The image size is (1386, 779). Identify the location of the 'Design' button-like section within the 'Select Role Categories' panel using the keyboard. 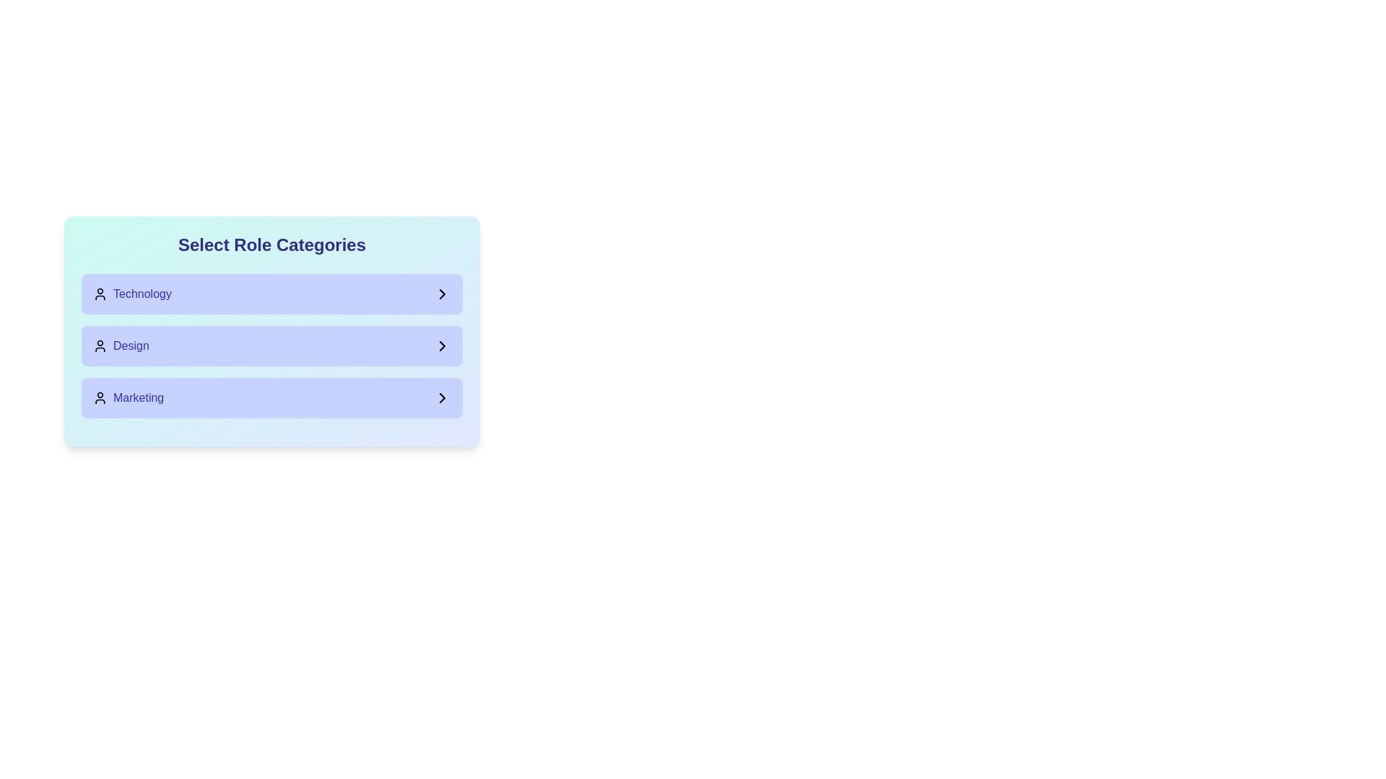
(272, 346).